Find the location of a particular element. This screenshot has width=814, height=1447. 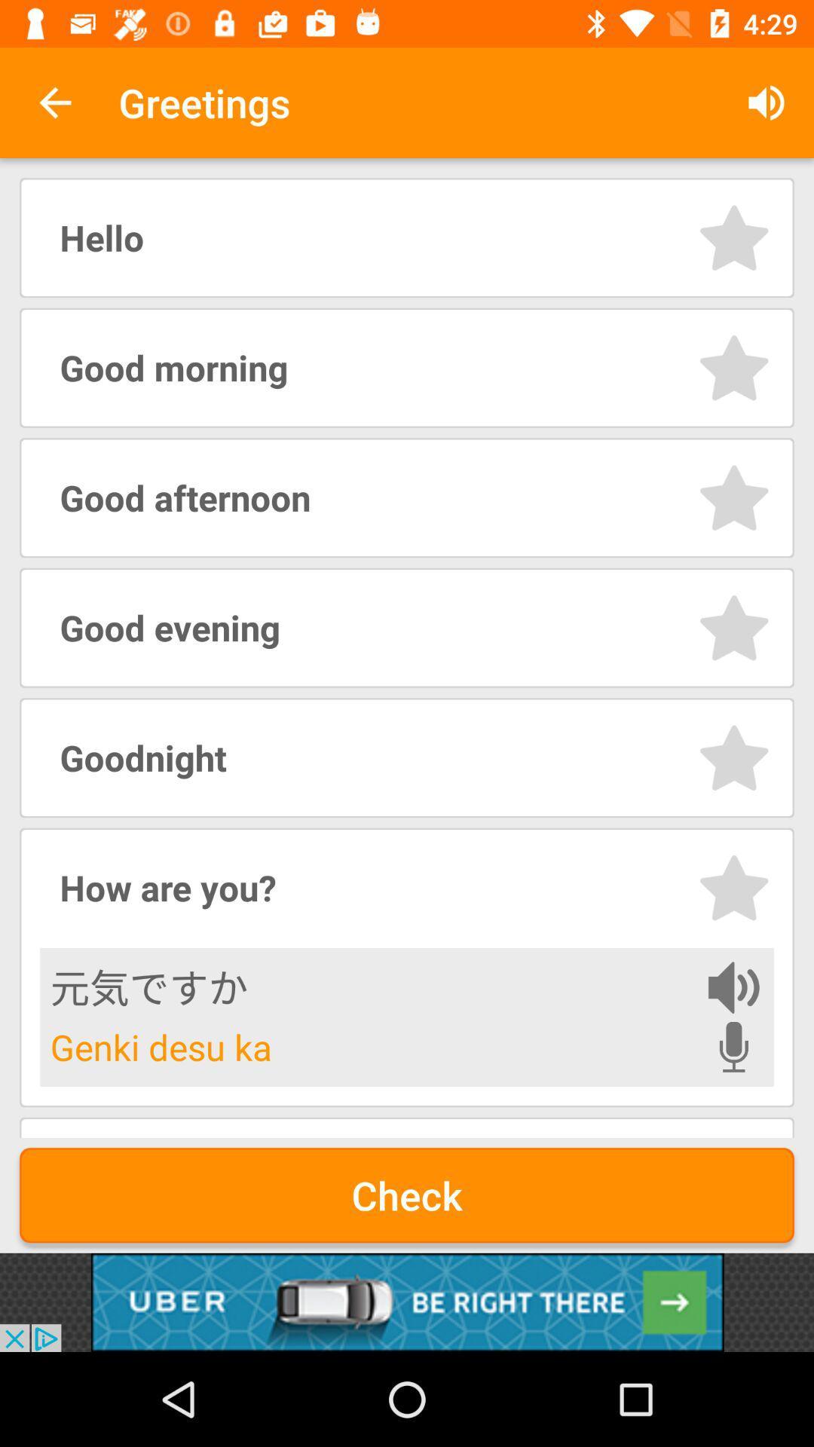

listen to phrase is located at coordinates (733, 987).